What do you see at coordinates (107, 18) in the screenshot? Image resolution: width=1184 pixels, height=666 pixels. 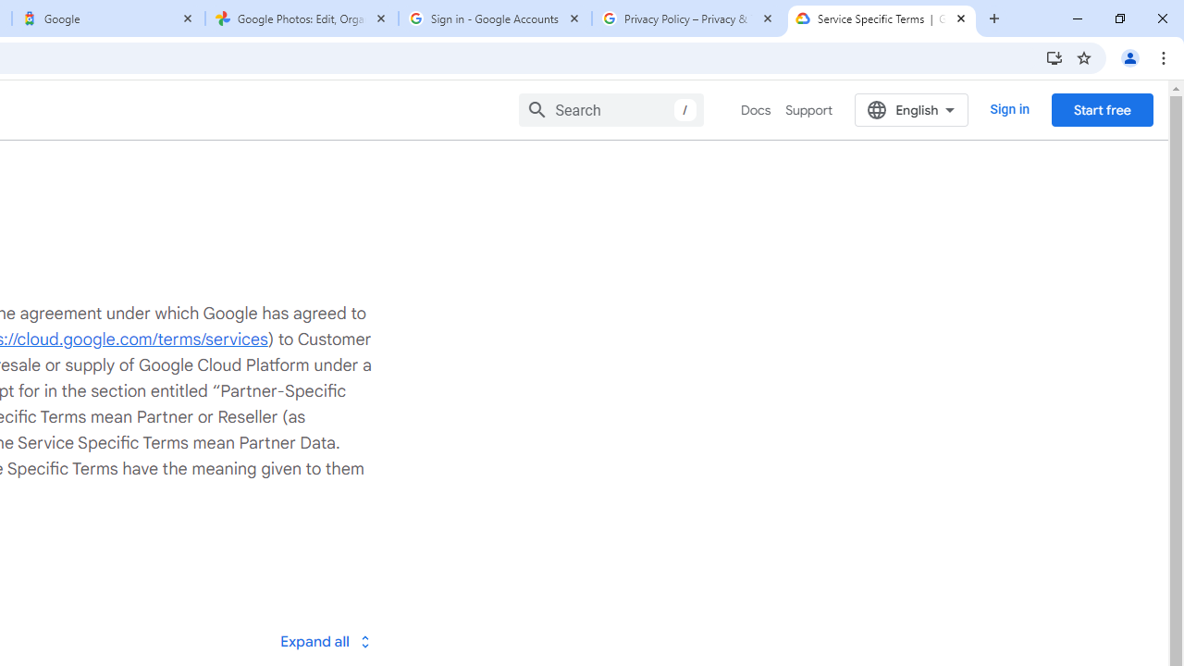 I see `'Google'` at bounding box center [107, 18].